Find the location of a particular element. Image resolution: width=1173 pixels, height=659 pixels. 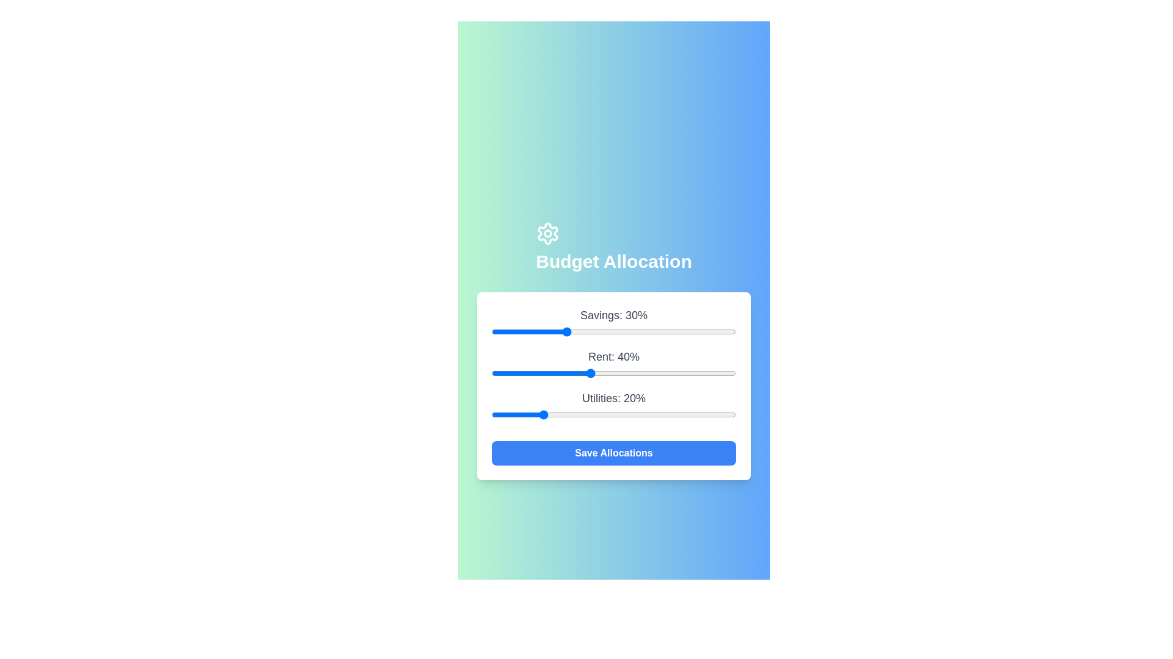

the 'Utilities' slider to allocate 14% of the budget is located at coordinates (525, 414).